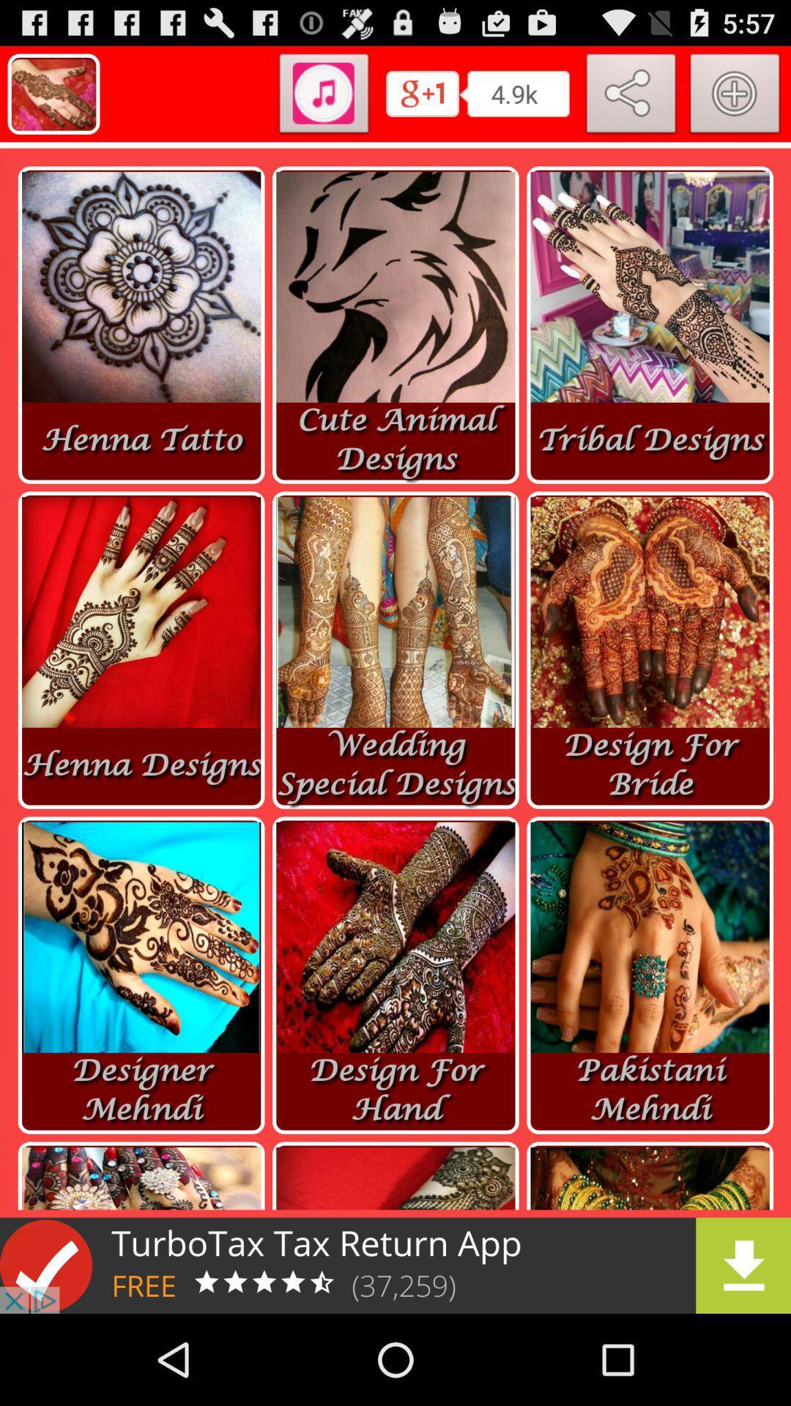 Image resolution: width=791 pixels, height=1406 pixels. Describe the element at coordinates (395, 1265) in the screenshot. I see `app advertisement` at that location.